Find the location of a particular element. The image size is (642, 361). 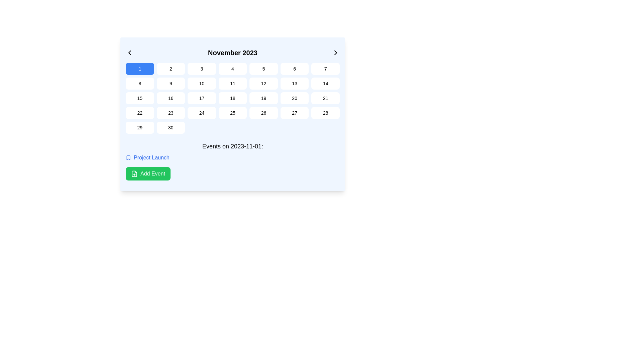

the date button displaying the number '15' in black text on a white background is located at coordinates (139, 98).